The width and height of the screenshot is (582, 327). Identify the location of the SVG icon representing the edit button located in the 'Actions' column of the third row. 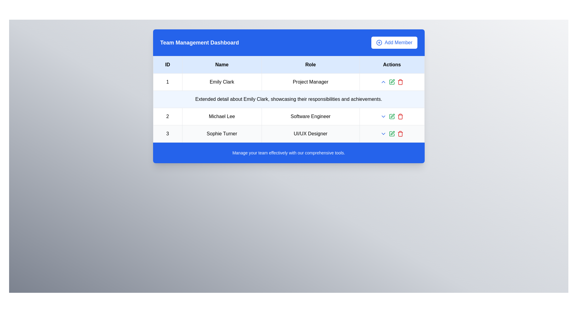
(392, 117).